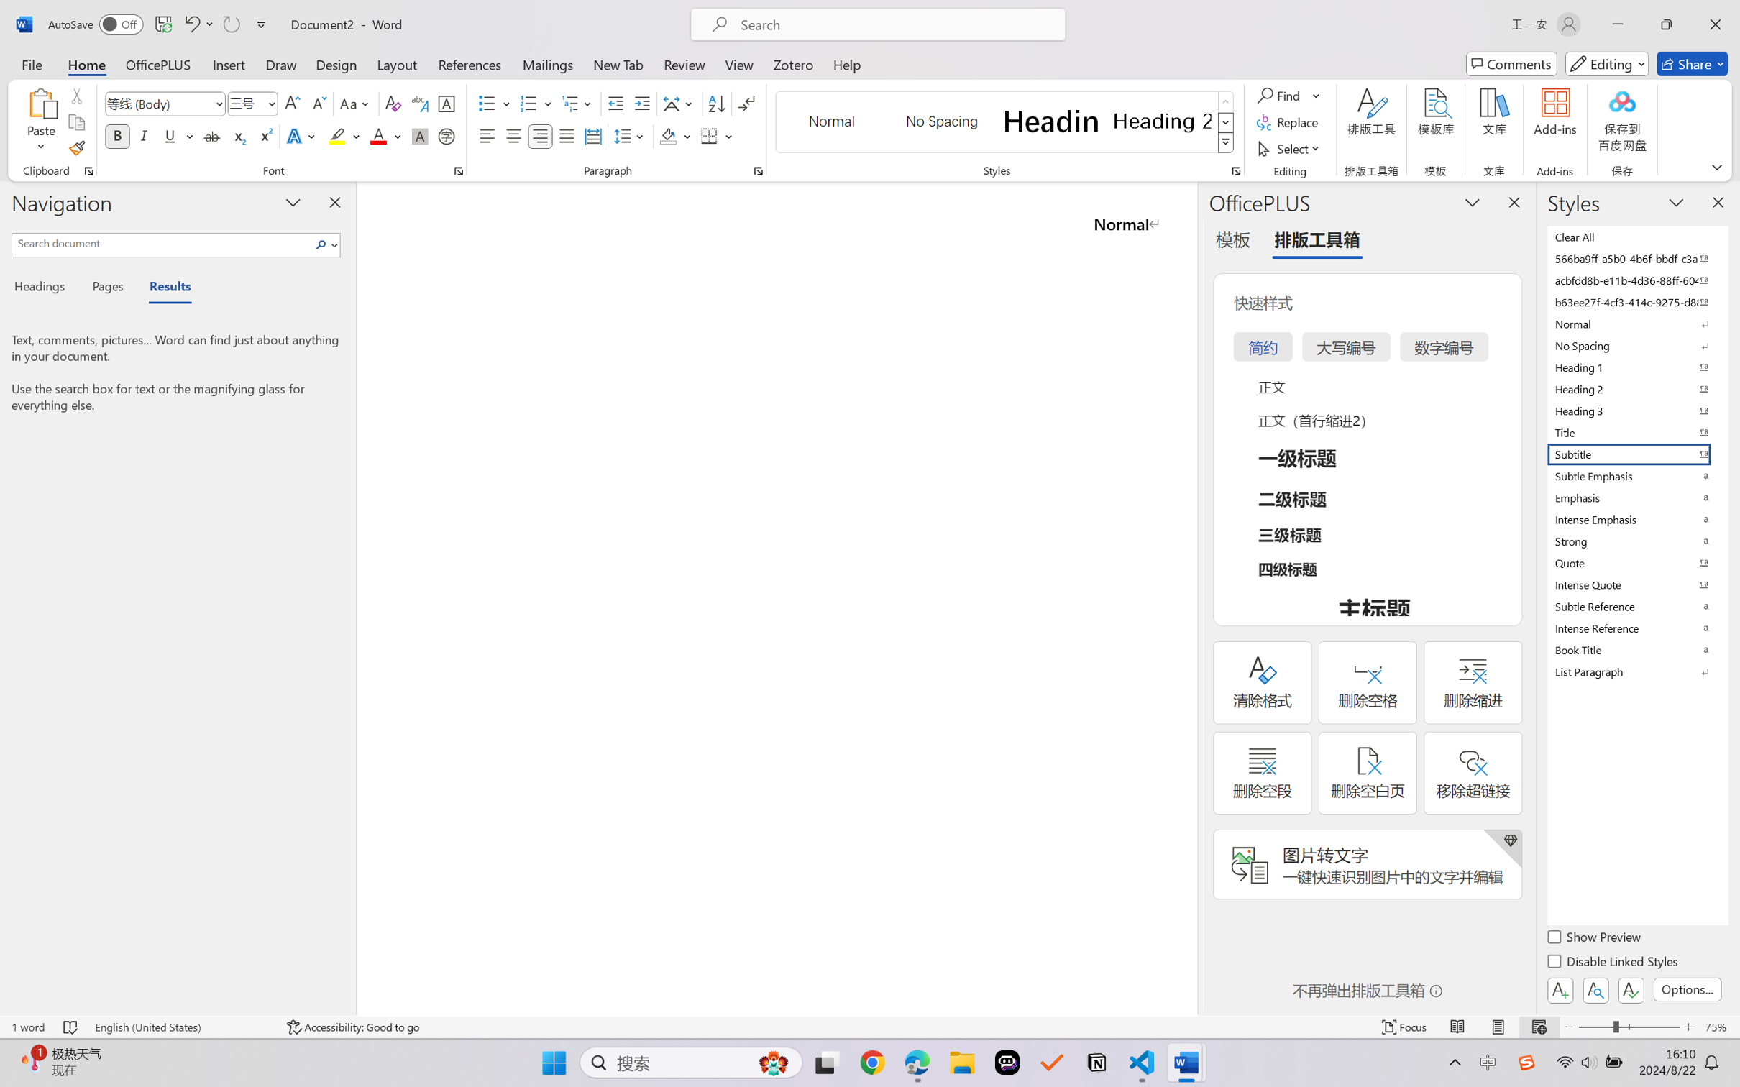  Describe the element at coordinates (118, 135) in the screenshot. I see `'Bold'` at that location.